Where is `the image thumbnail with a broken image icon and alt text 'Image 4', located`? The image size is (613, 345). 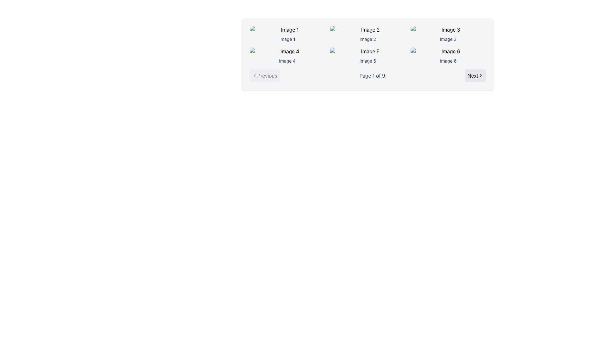
the image thumbnail with a broken image icon and alt text 'Image 4', located is located at coordinates (287, 51).